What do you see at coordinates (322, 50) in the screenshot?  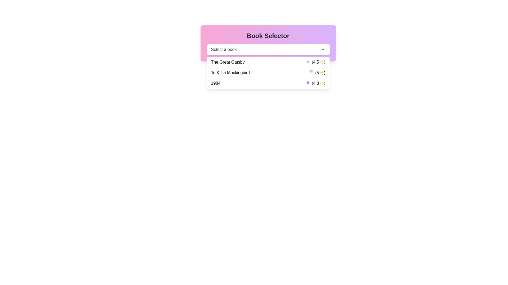 I see `the upward-pointing chevron icon button located at the far right of the 'Select a book' drop-down selector` at bounding box center [322, 50].